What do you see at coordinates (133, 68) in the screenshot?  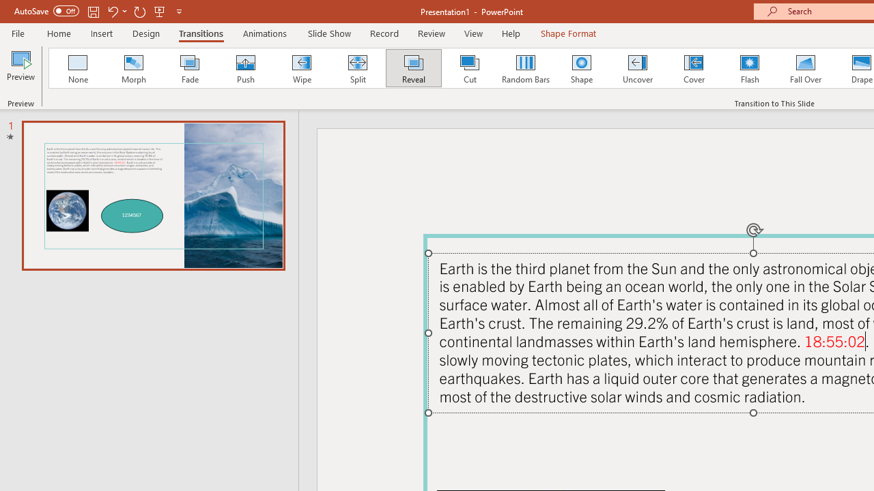 I see `'Morph'` at bounding box center [133, 68].